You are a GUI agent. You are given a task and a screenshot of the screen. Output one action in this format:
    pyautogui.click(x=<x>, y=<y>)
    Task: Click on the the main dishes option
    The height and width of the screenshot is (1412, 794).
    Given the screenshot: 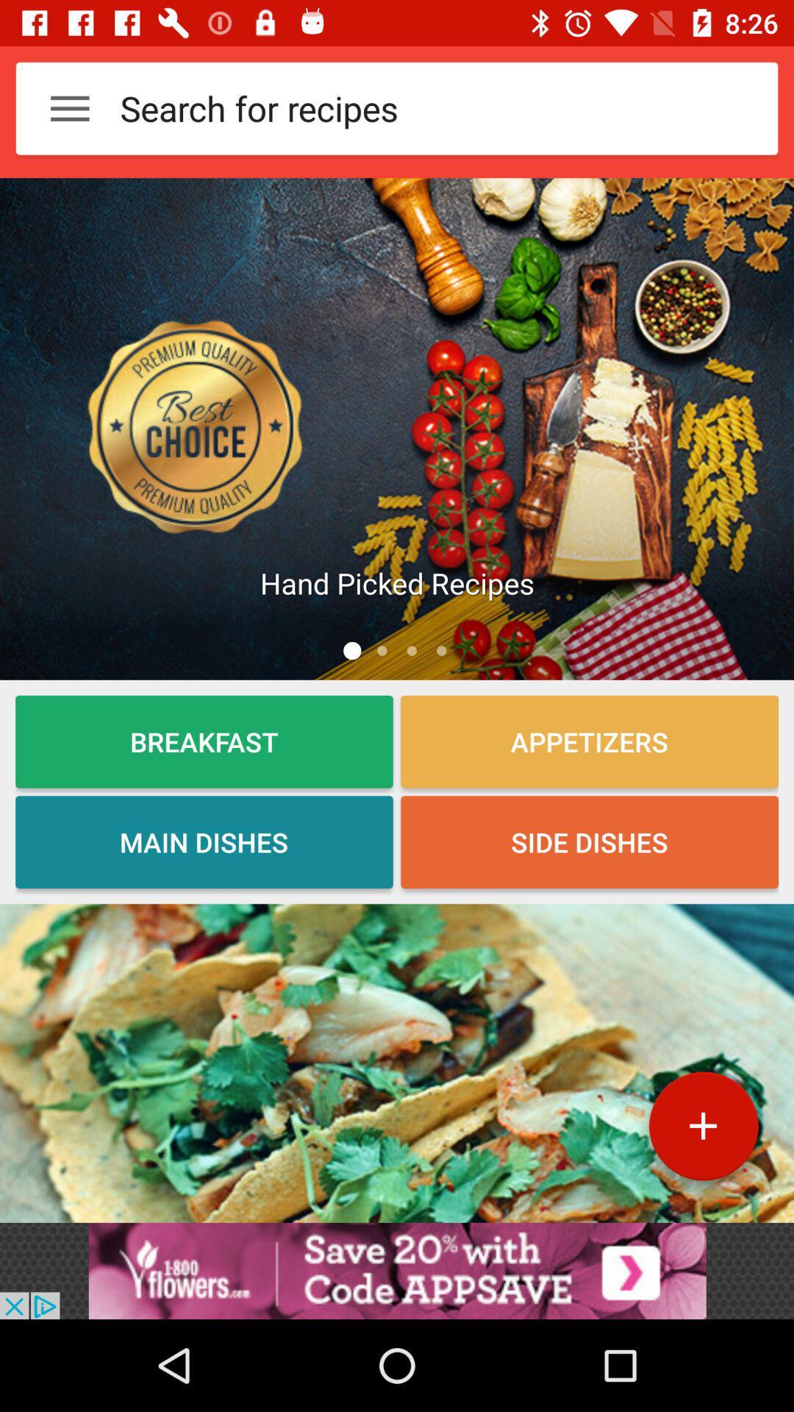 What is the action you would take?
    pyautogui.click(x=204, y=842)
    